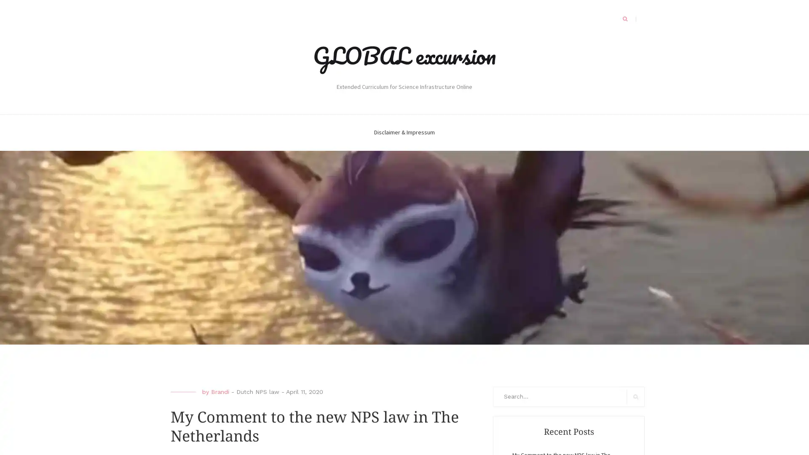 Image resolution: width=809 pixels, height=455 pixels. I want to click on Search, so click(635, 396).